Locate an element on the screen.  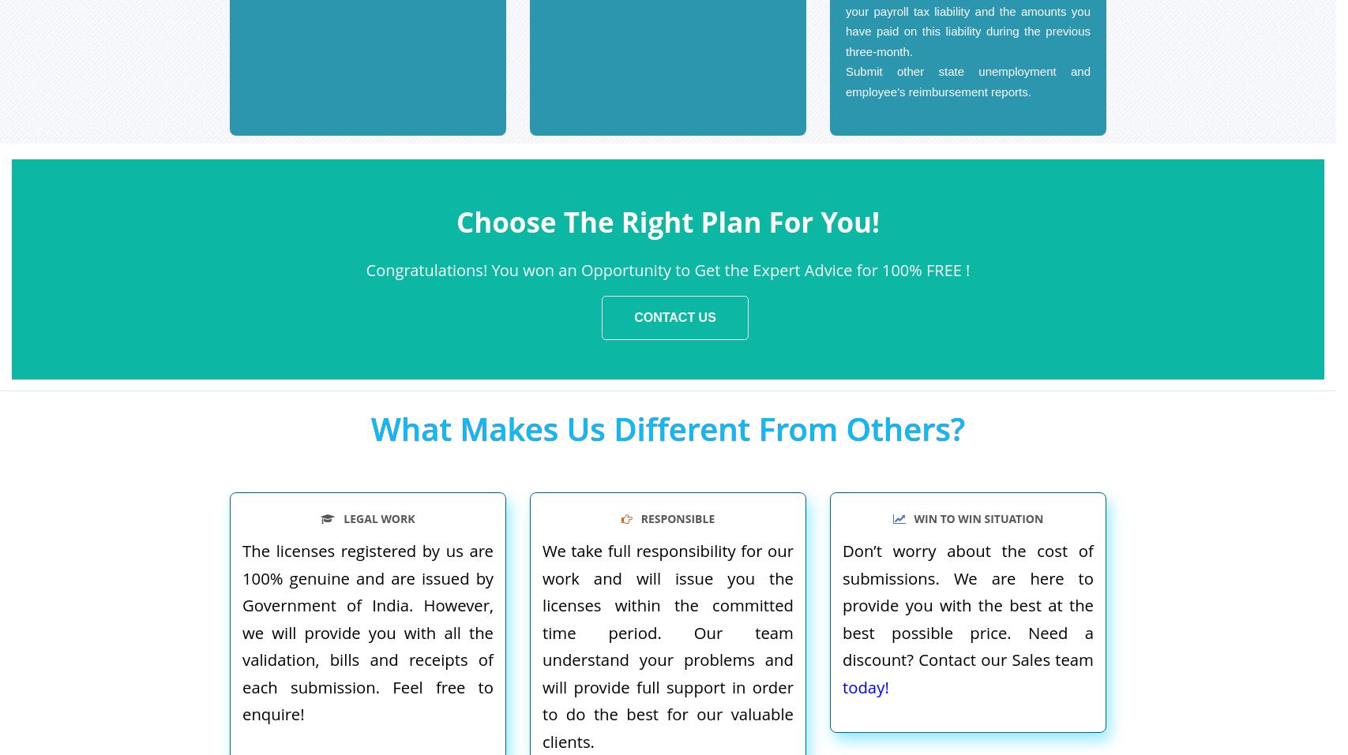
'RESPONSIBLE' is located at coordinates (632, 518).